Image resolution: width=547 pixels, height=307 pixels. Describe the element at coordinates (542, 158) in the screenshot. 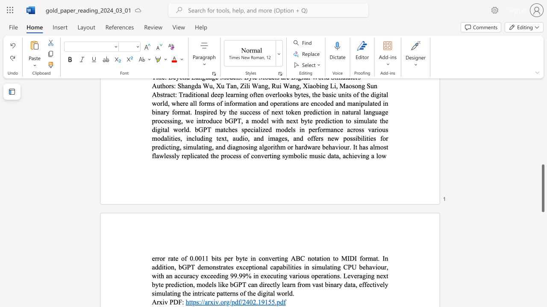

I see `the scrollbar on the right side to scroll the page up` at that location.